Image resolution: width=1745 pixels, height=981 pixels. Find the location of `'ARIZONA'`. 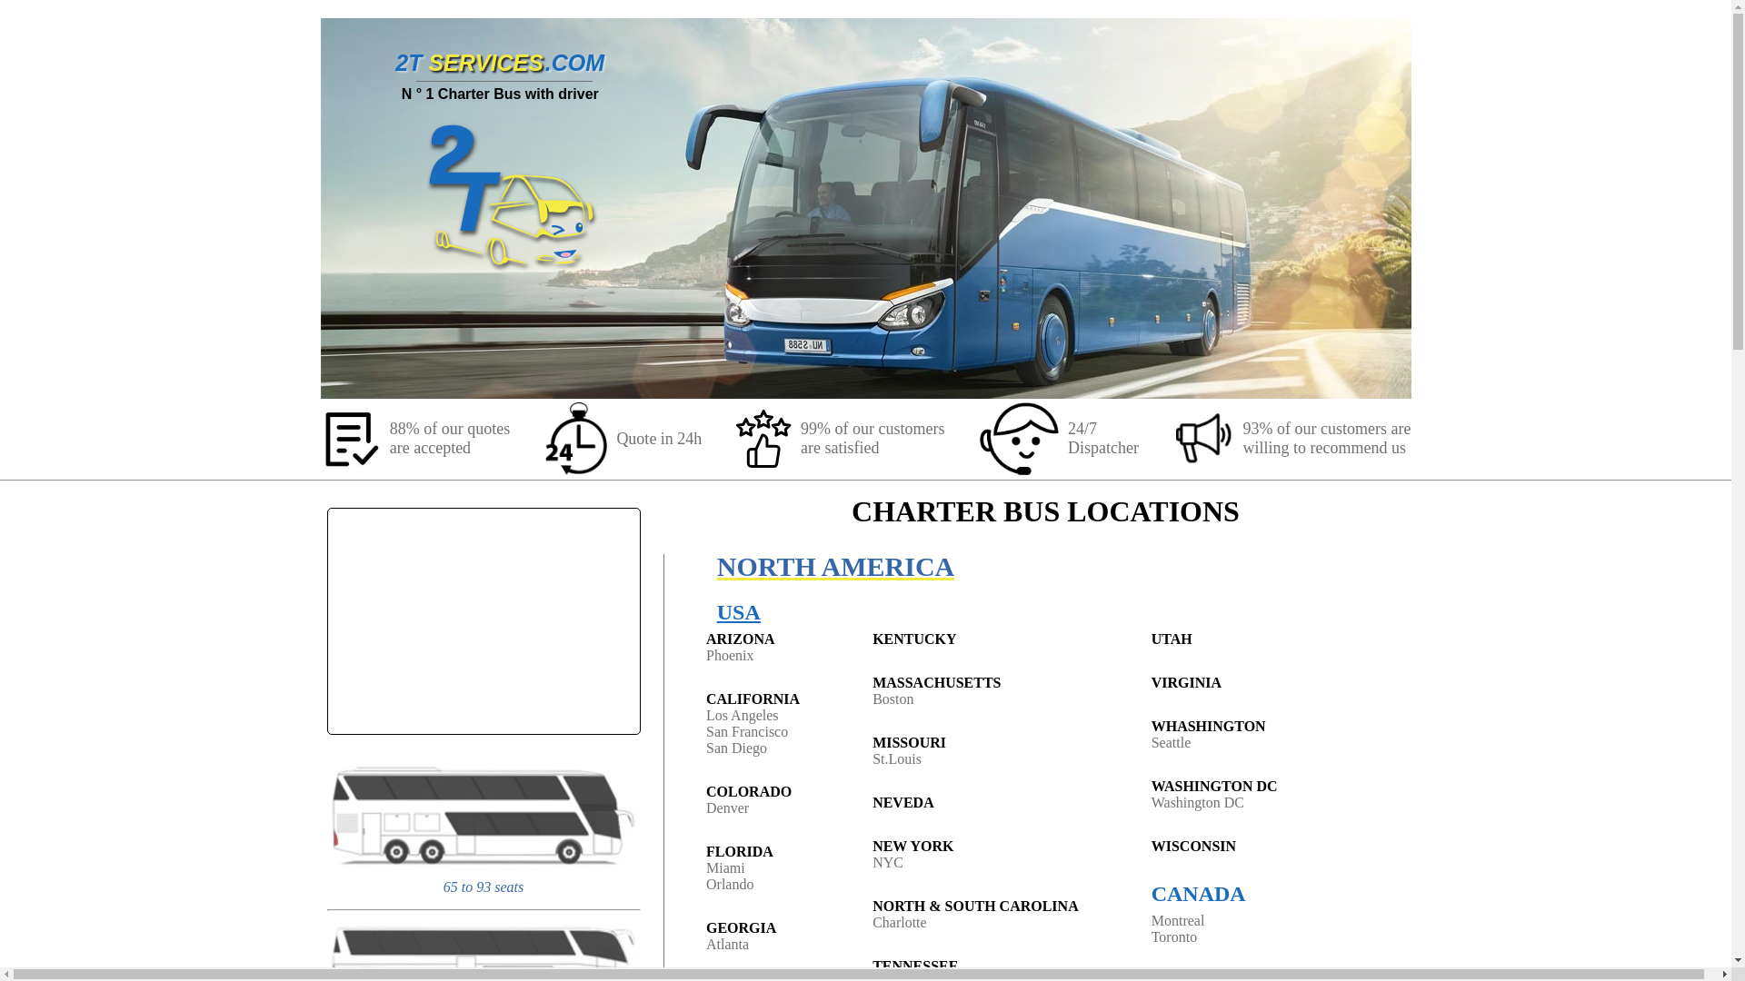

'ARIZONA' is located at coordinates (741, 638).